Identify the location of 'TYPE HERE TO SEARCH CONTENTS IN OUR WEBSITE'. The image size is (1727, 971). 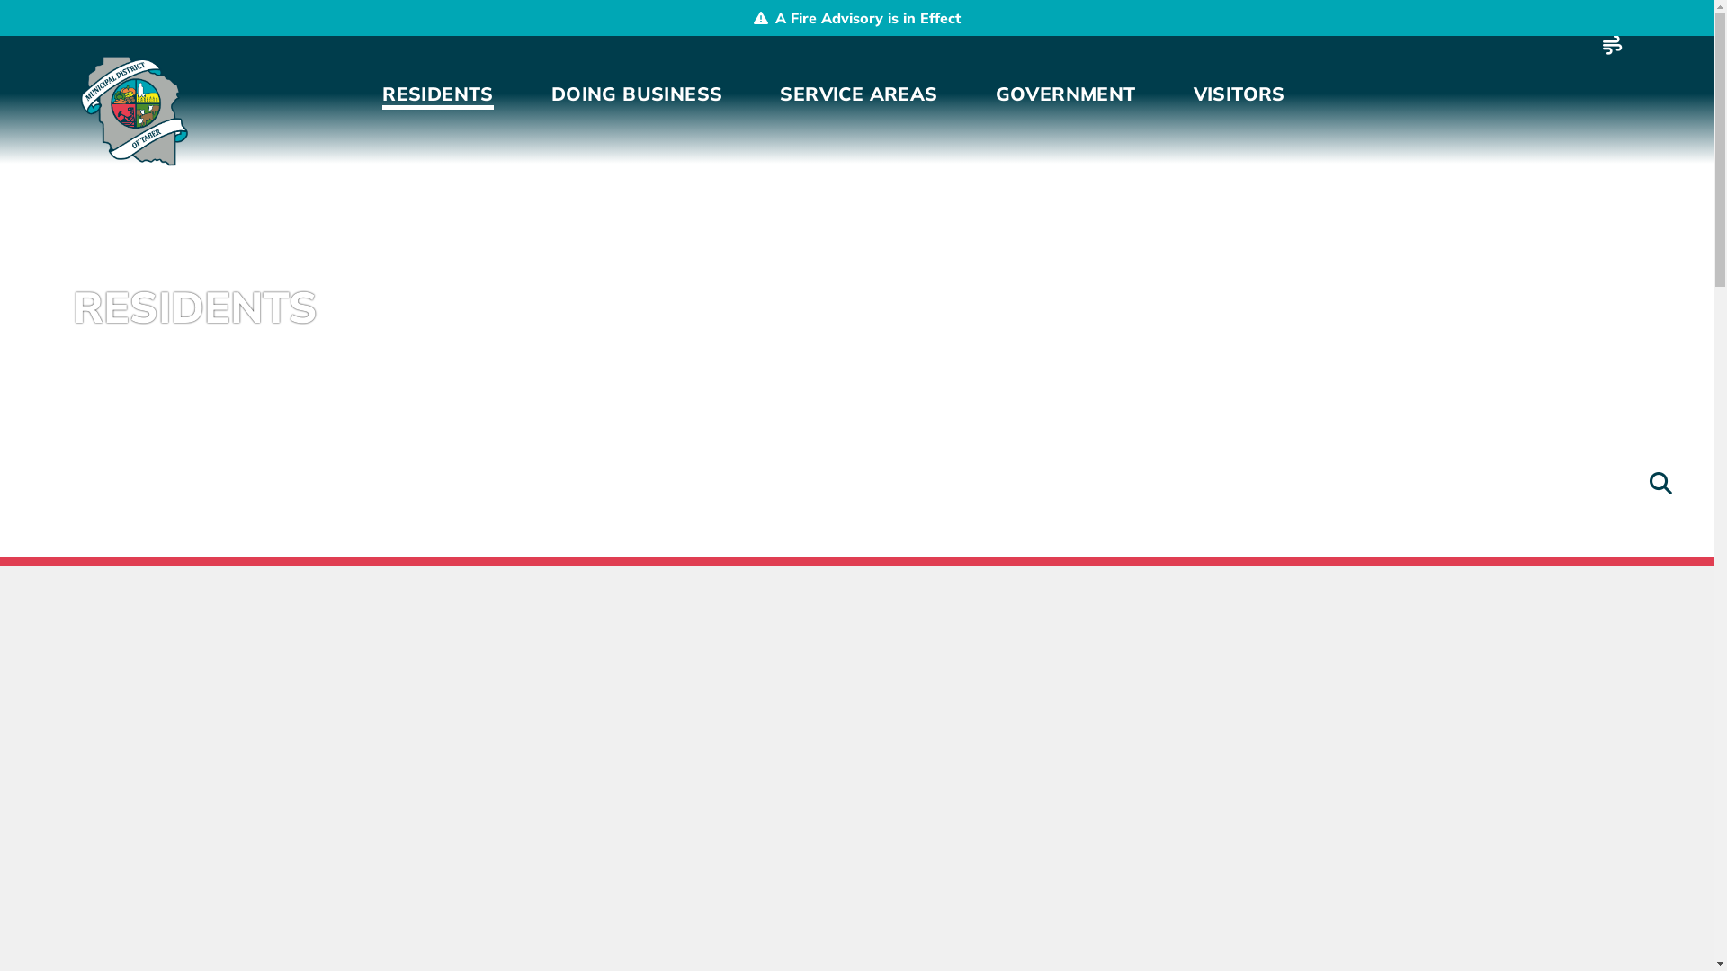
(1642, 484).